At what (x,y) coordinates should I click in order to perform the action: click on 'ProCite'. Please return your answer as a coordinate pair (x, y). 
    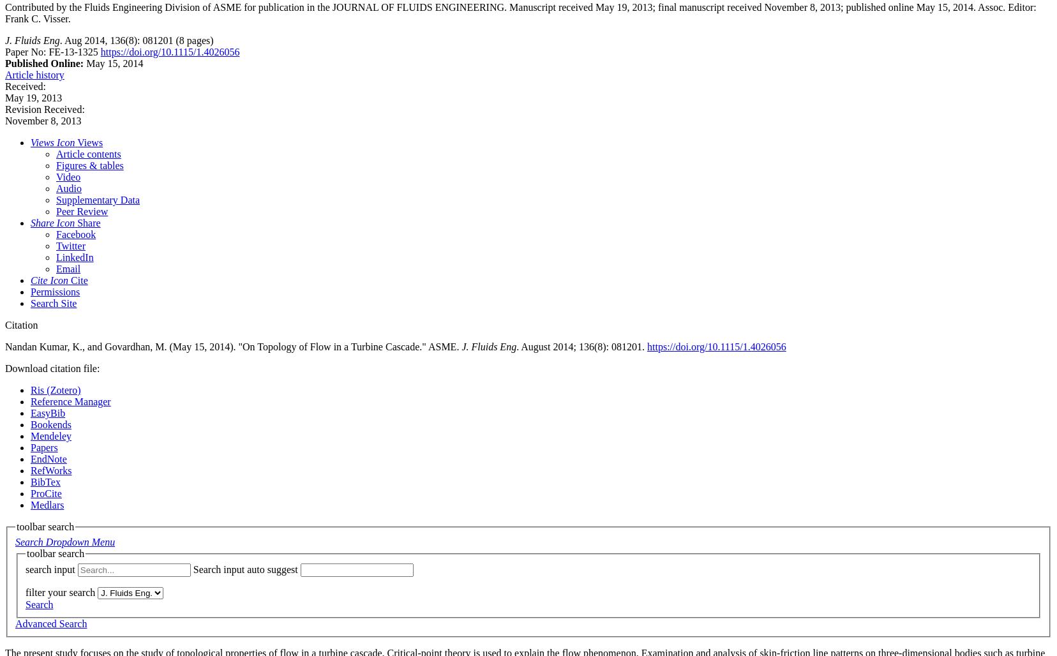
    Looking at the image, I should click on (45, 493).